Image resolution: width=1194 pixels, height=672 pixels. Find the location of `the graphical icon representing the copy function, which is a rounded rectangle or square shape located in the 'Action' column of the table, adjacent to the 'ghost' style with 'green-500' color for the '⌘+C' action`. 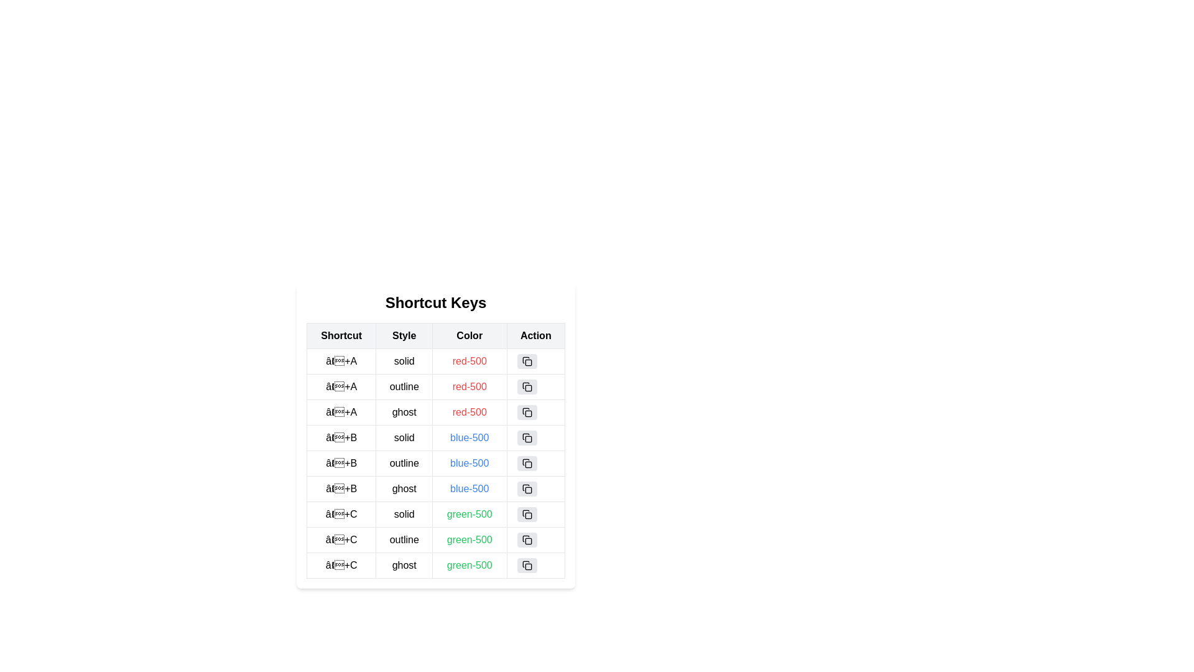

the graphical icon representing the copy function, which is a rounded rectangle or square shape located in the 'Action' column of the table, adjacent to the 'ghost' style with 'green-500' color for the '⌘+C' action is located at coordinates (528, 566).